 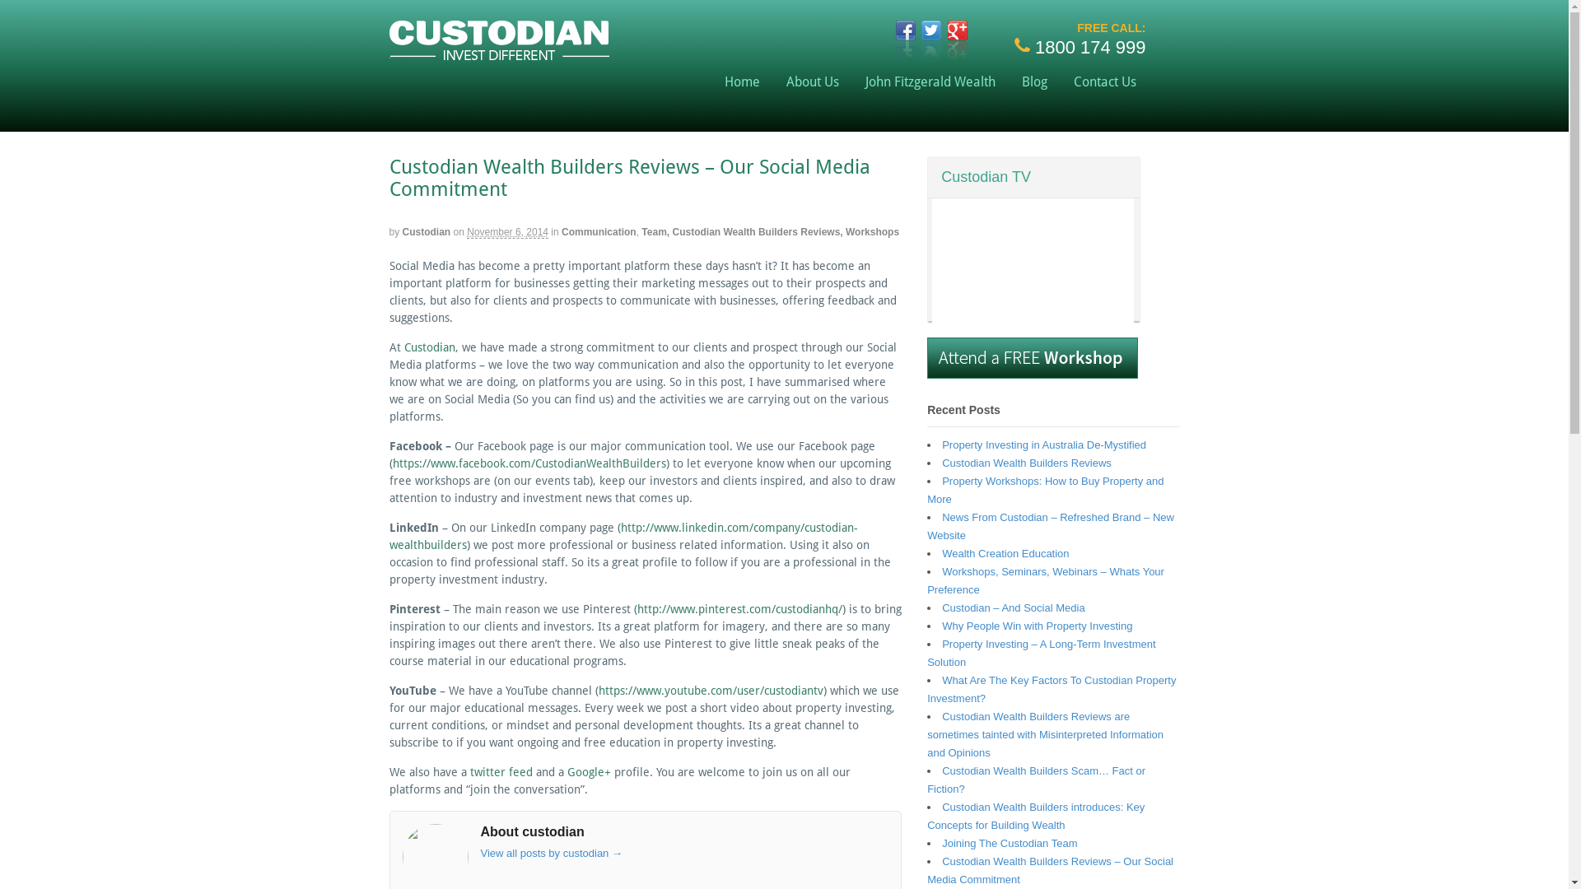 What do you see at coordinates (1033, 81) in the screenshot?
I see `'Blog'` at bounding box center [1033, 81].